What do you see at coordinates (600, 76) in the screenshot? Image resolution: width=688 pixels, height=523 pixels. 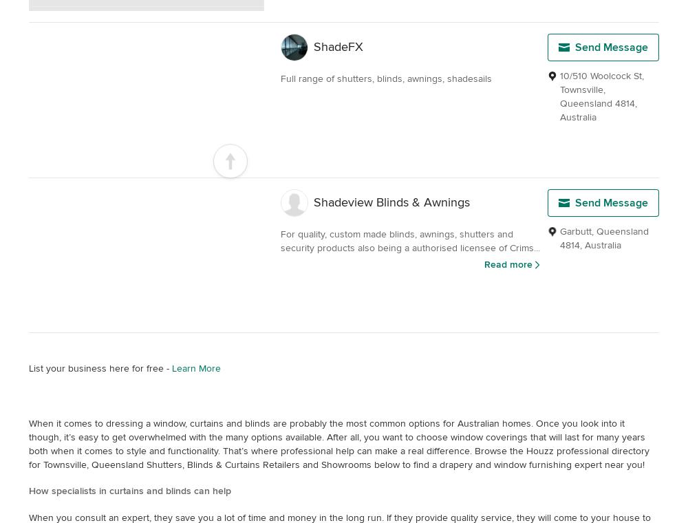 I see `'10/510 Woolcock St'` at bounding box center [600, 76].